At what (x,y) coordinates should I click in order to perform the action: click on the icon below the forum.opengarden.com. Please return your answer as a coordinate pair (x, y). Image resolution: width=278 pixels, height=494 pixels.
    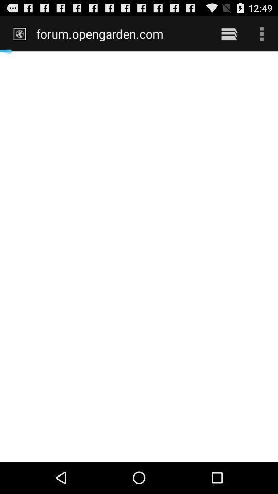
    Looking at the image, I should click on (139, 256).